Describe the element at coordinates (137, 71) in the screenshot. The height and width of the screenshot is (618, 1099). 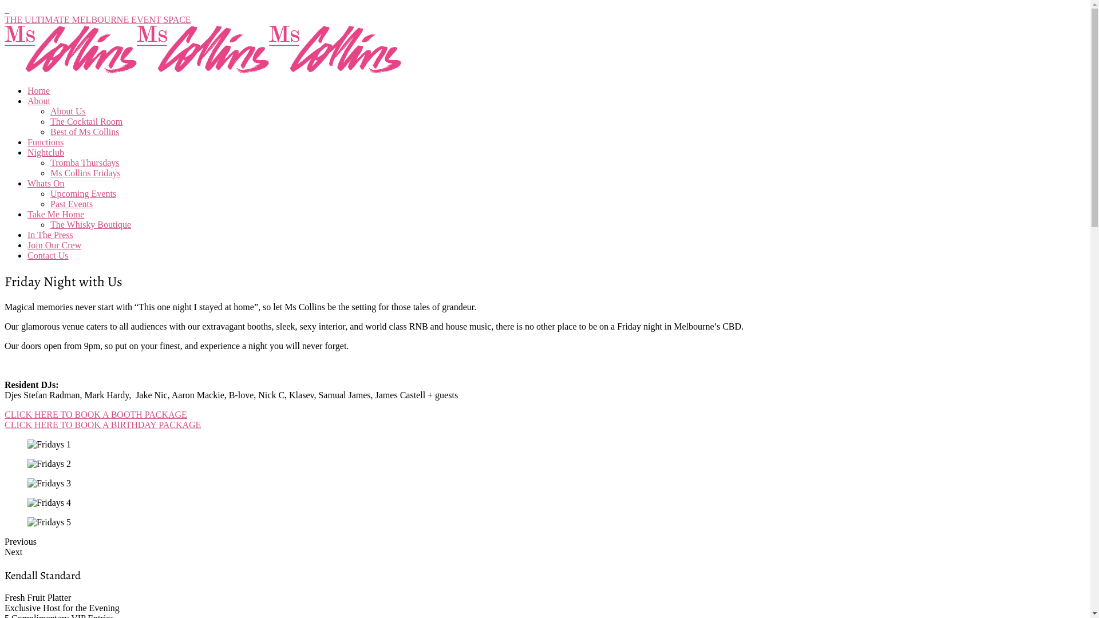
I see `'Ms Collins'` at that location.